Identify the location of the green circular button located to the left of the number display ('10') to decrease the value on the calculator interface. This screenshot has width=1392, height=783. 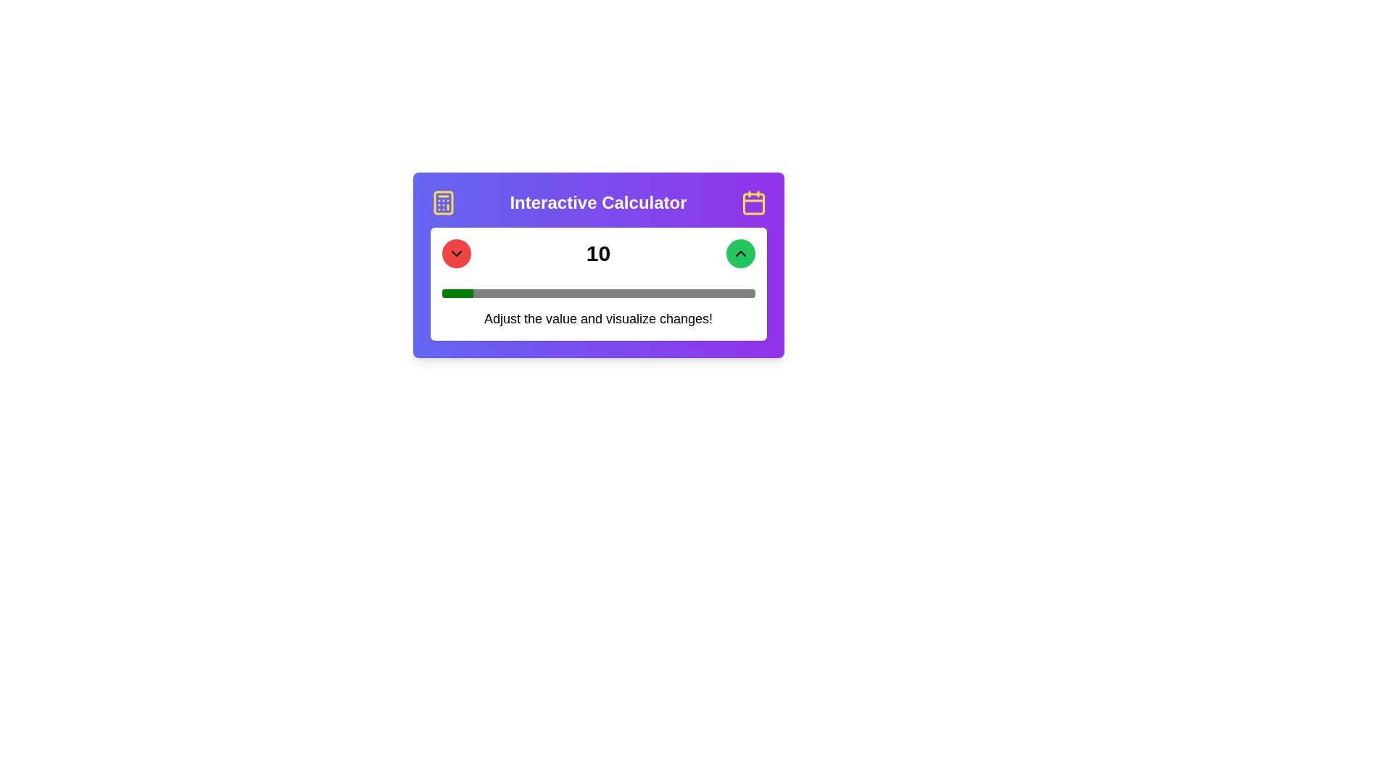
(455, 253).